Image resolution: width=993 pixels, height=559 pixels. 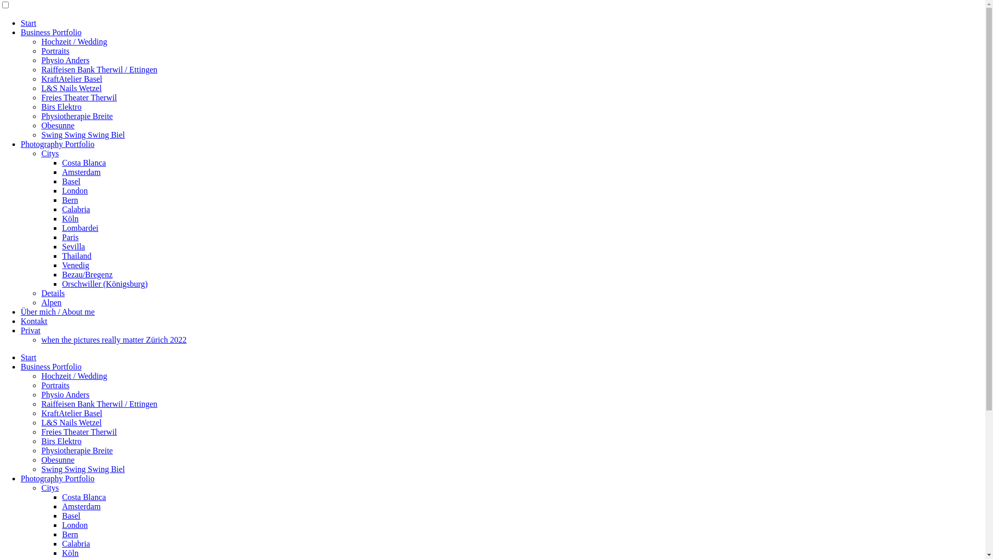 I want to click on 'Freies Theater Therwil', so click(x=41, y=432).